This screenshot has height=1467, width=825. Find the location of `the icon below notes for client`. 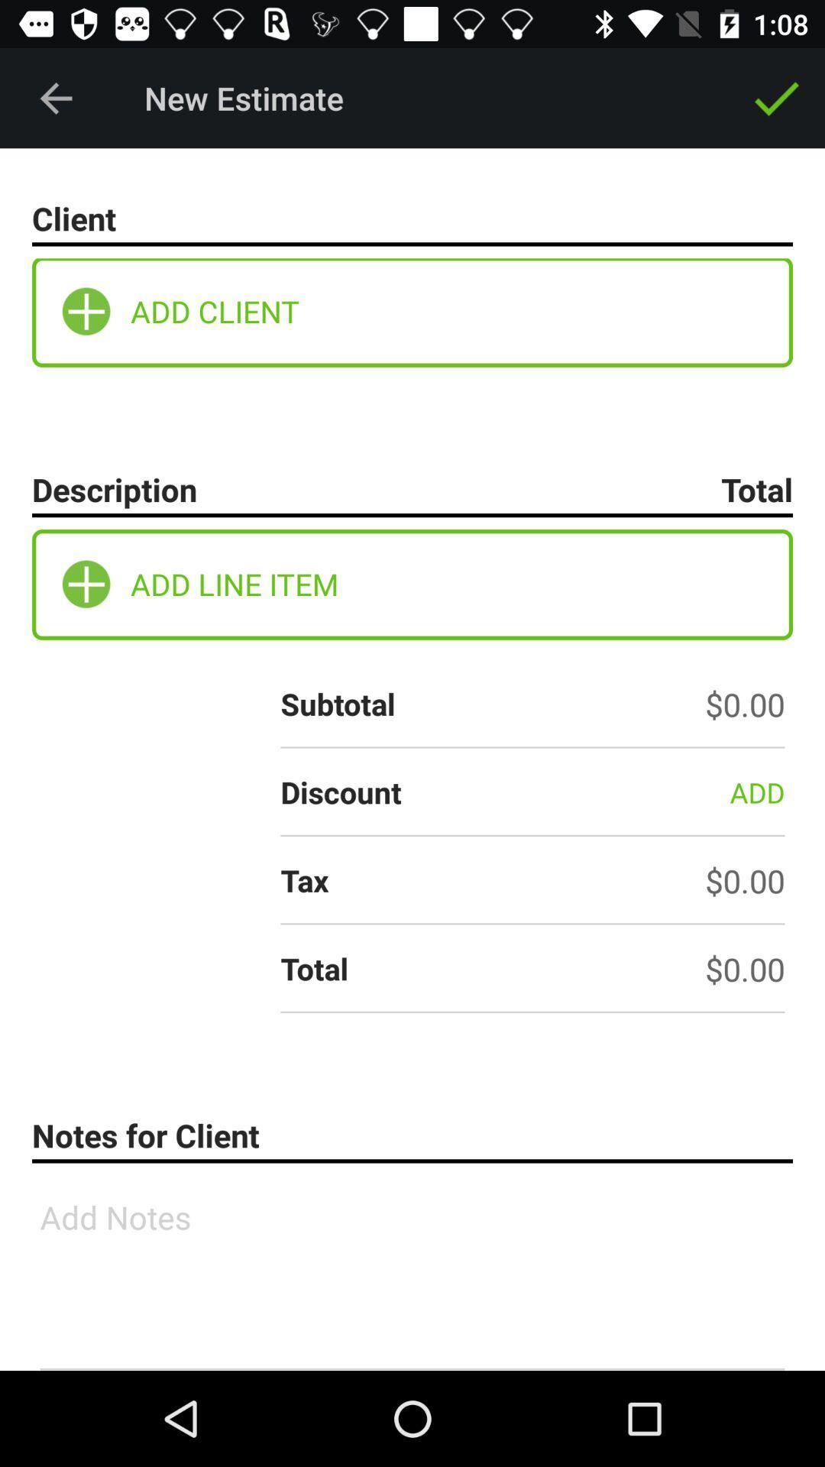

the icon below notes for client is located at coordinates (412, 1273).